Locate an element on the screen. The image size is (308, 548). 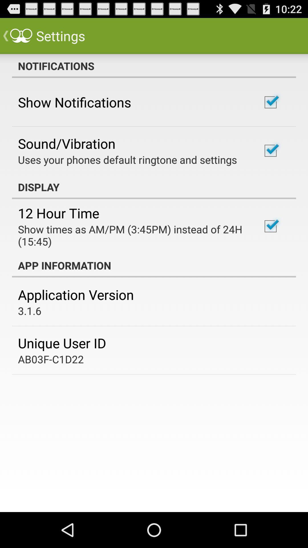
the sound/vibration icon is located at coordinates (66, 143).